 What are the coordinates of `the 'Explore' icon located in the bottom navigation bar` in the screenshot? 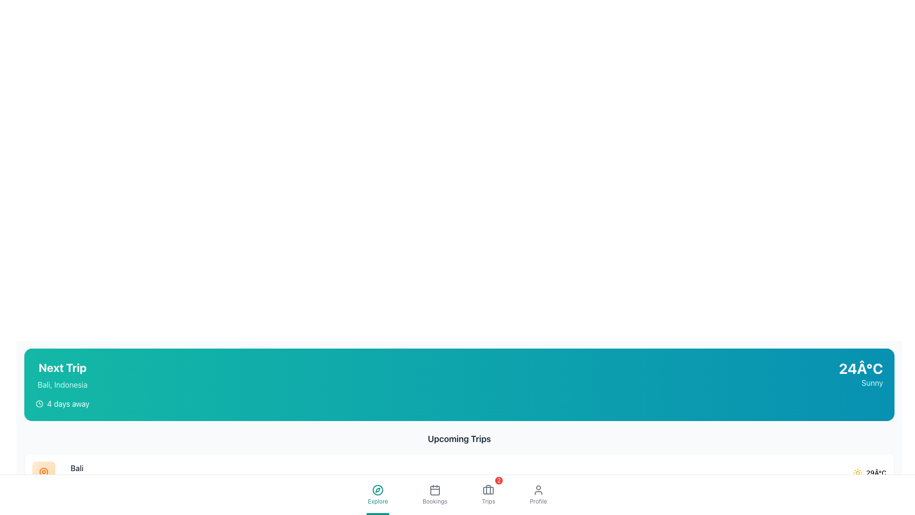 It's located at (377, 490).